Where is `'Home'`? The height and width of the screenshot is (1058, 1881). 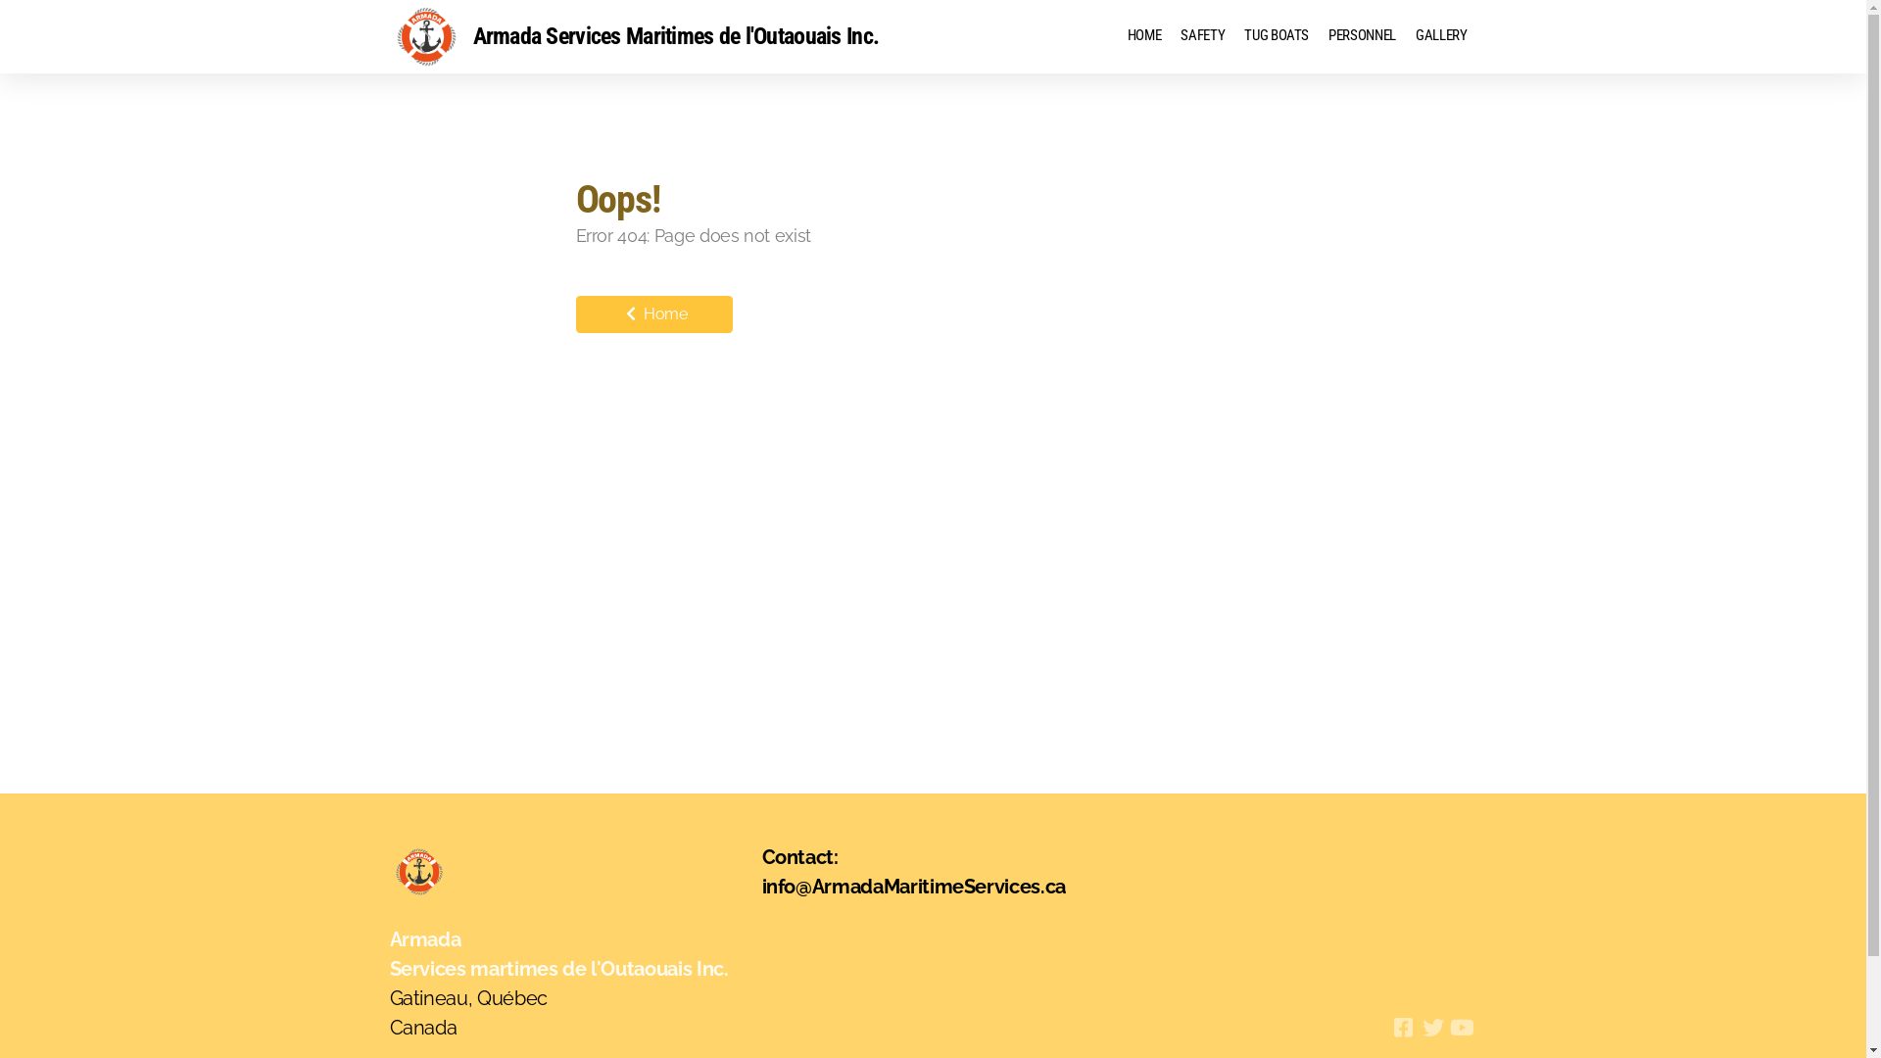 'Home' is located at coordinates (575, 313).